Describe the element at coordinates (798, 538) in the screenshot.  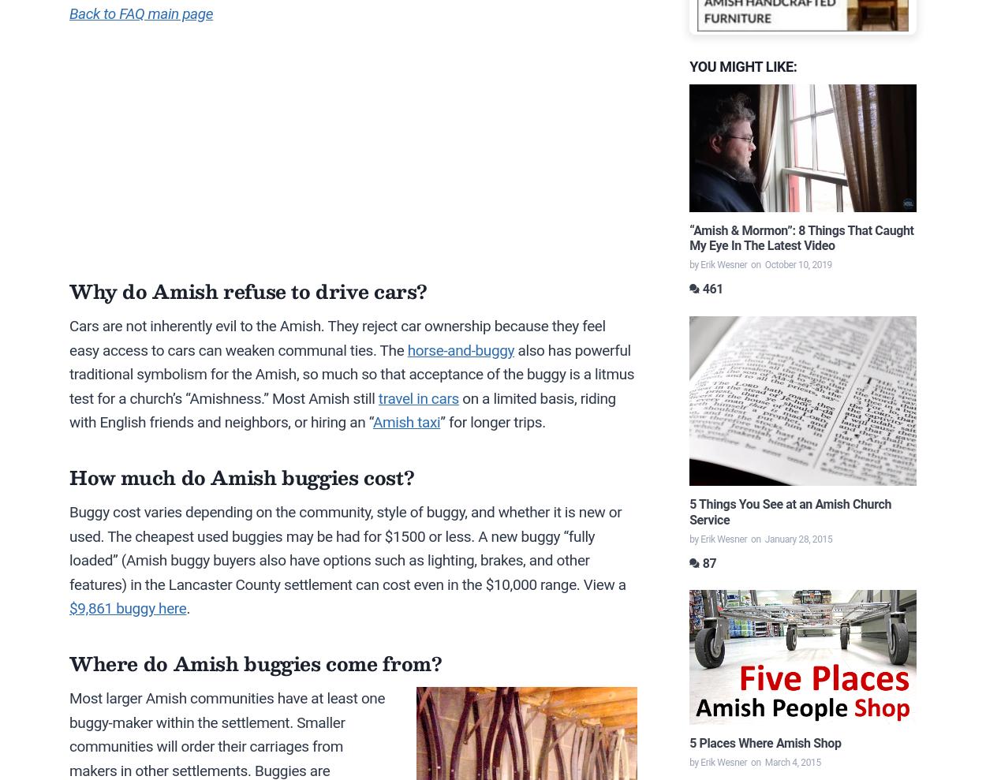
I see `'January 28, 2015'` at that location.